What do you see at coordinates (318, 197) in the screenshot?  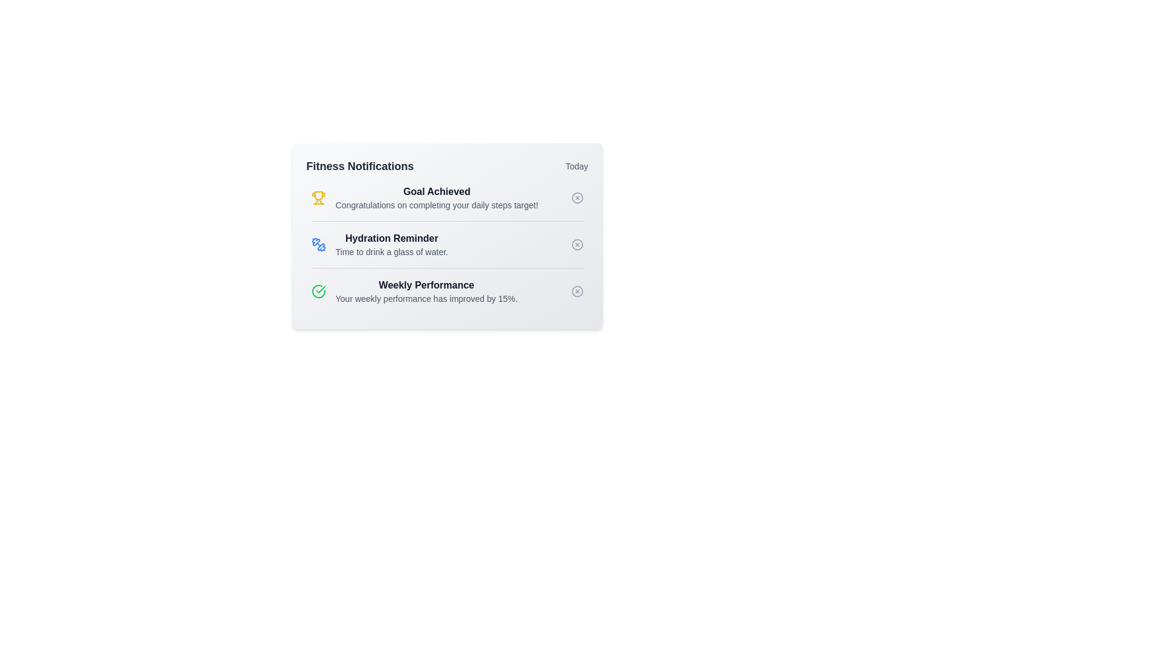 I see `the success icon located at the top left of the 'Goal Achieved' notification, adjacent to its title` at bounding box center [318, 197].